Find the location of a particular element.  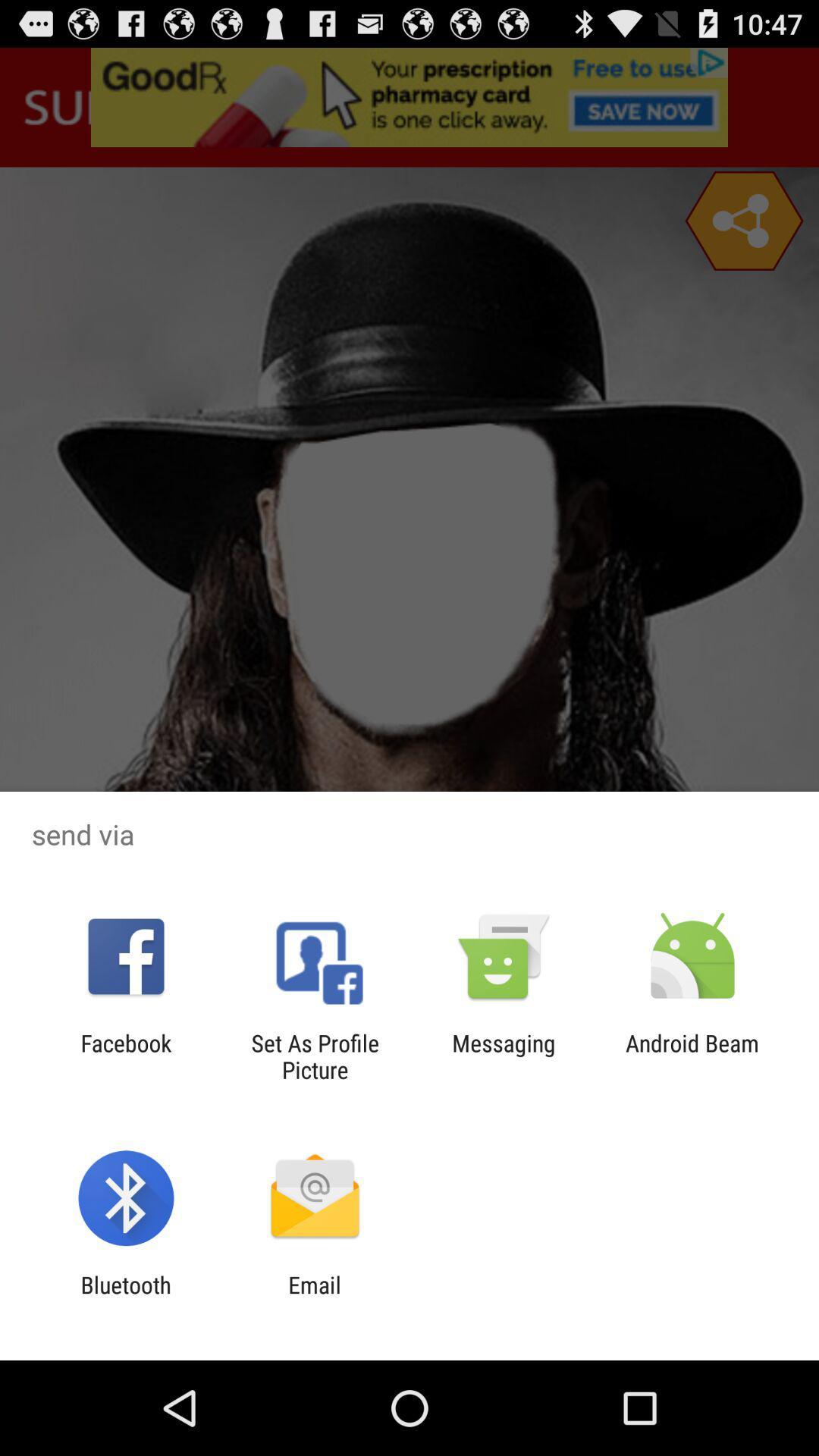

app next to the facebook app is located at coordinates (314, 1056).